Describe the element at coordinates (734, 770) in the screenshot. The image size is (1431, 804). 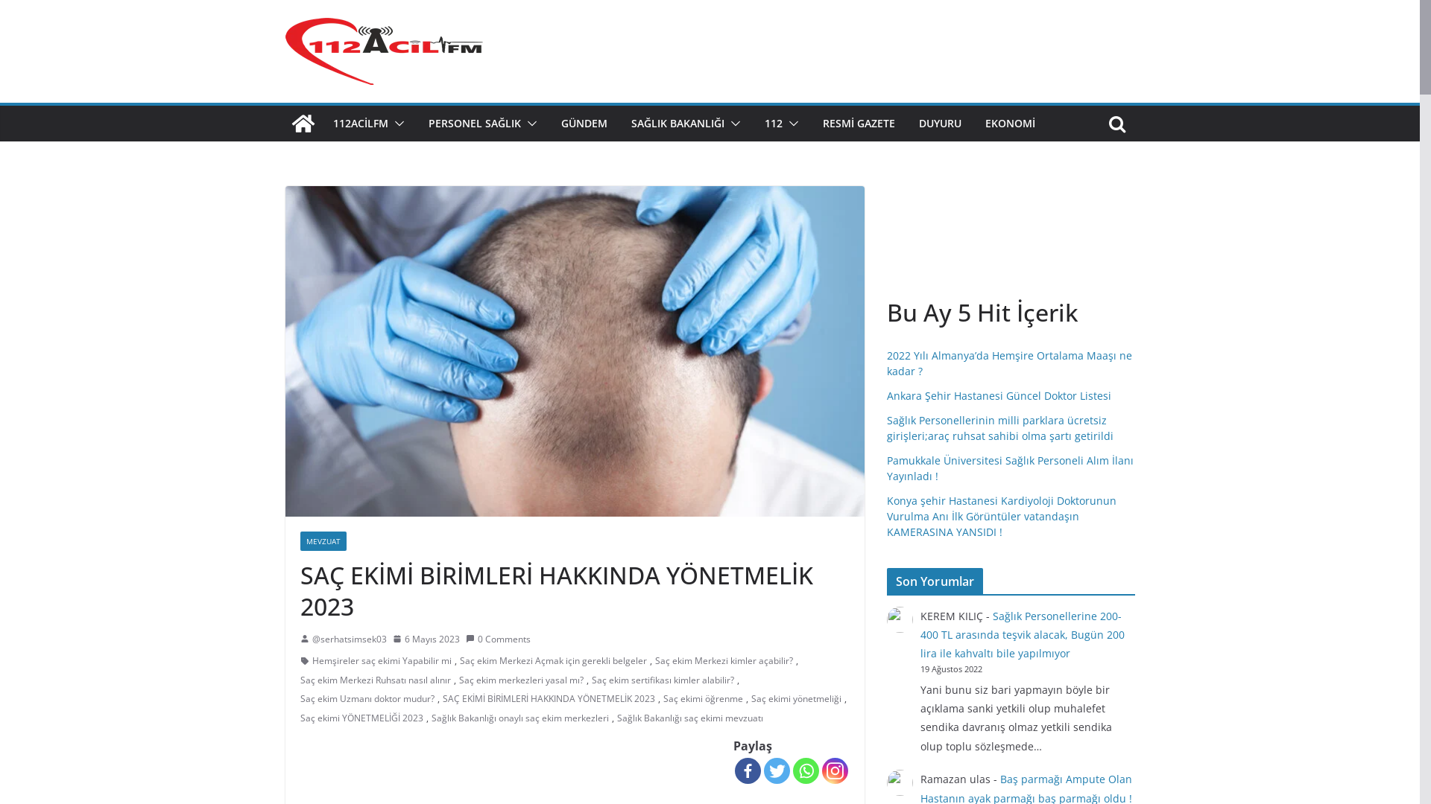
I see `'Facebook'` at that location.